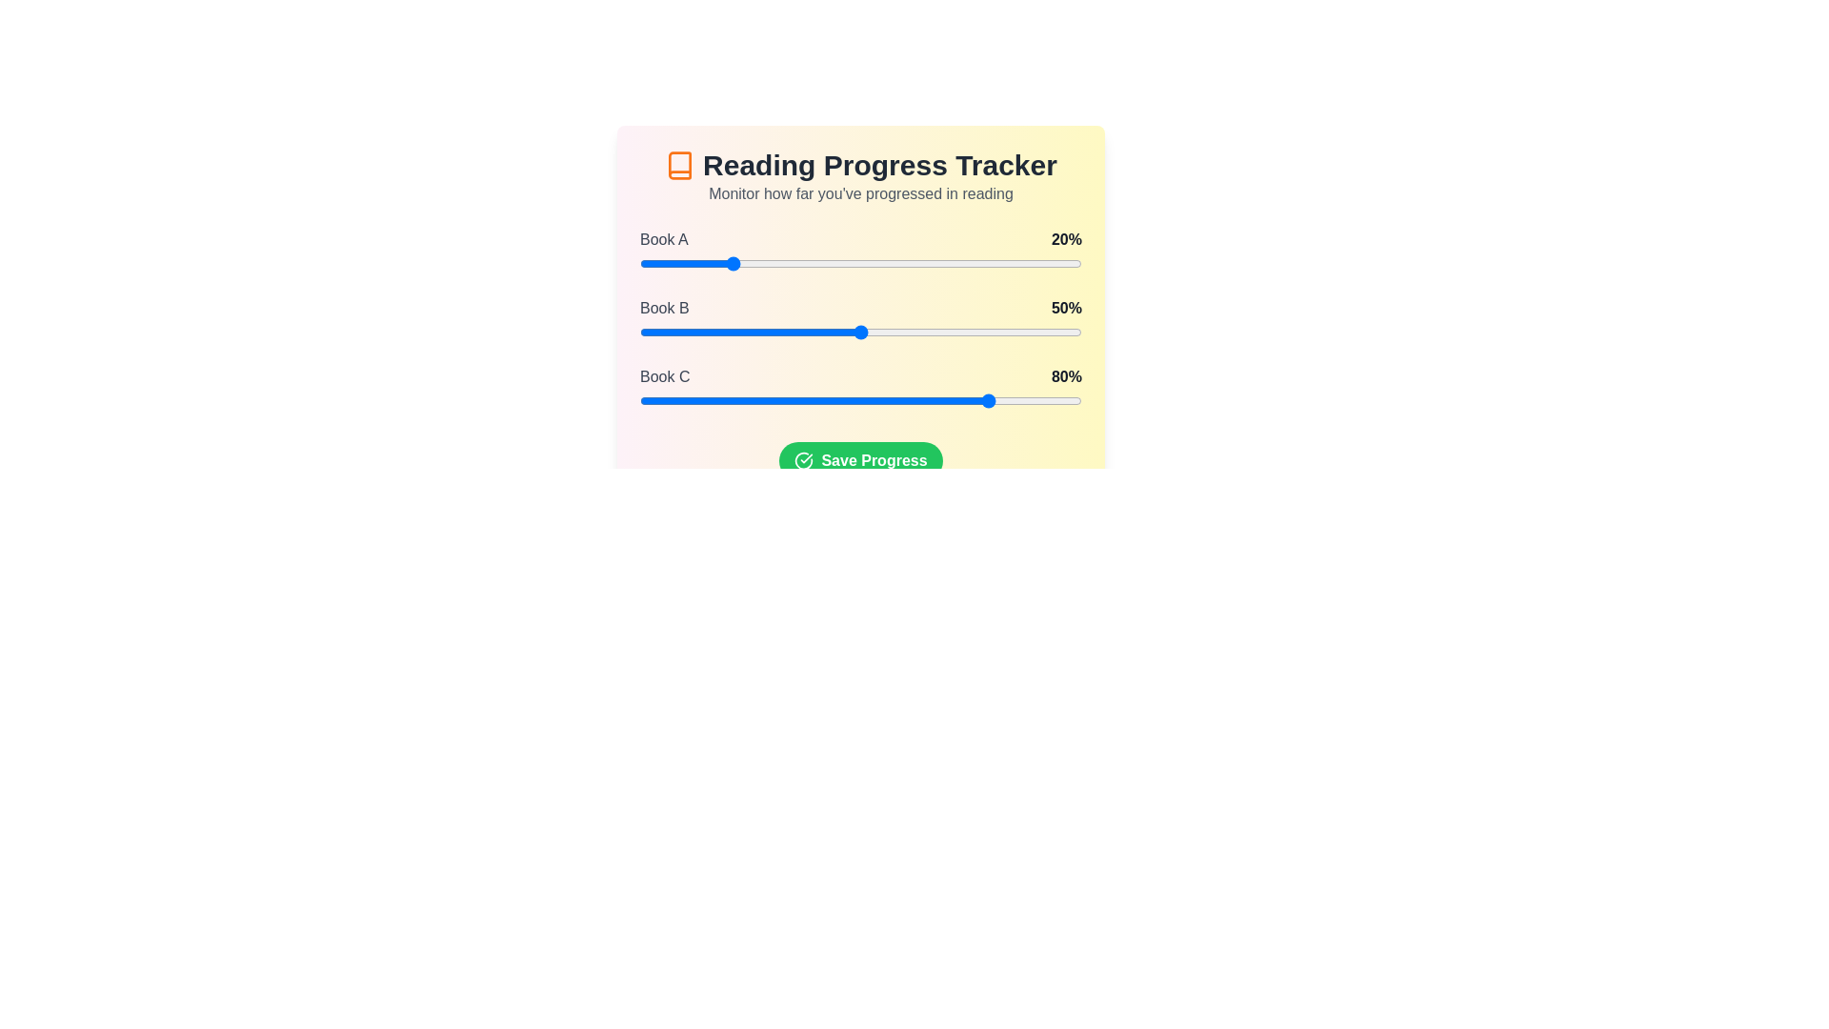  I want to click on the 'Save Progress' button to save the current state of the progress, so click(859, 460).